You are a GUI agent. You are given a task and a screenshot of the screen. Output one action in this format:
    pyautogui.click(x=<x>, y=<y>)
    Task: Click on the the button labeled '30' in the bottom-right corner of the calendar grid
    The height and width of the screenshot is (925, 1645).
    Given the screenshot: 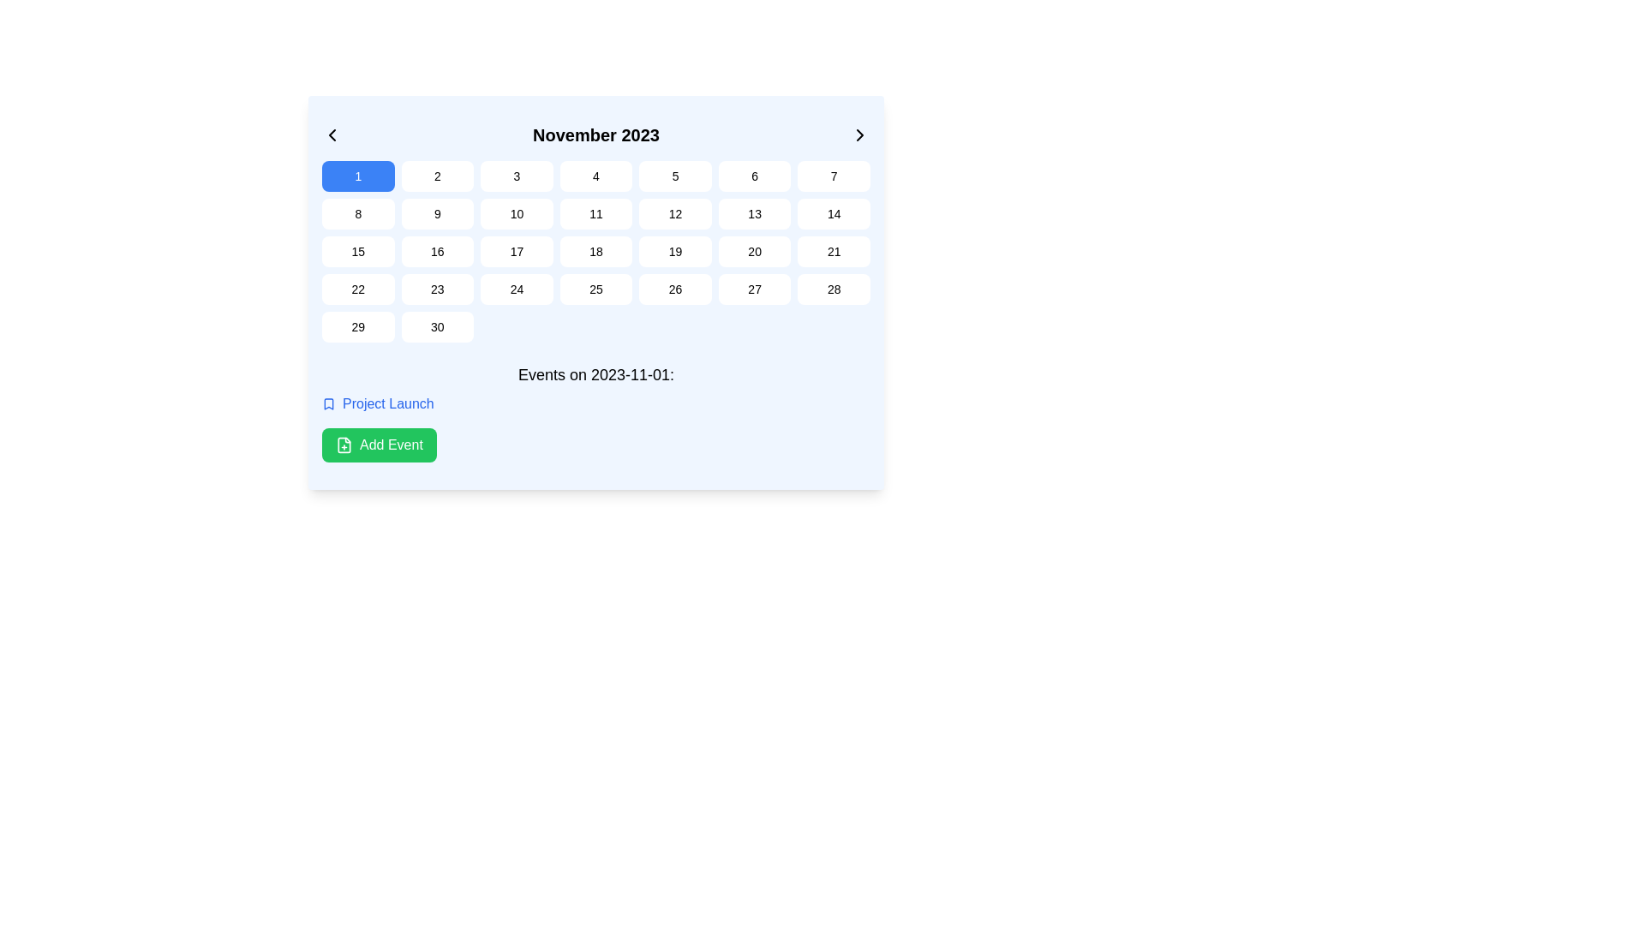 What is the action you would take?
    pyautogui.click(x=437, y=326)
    